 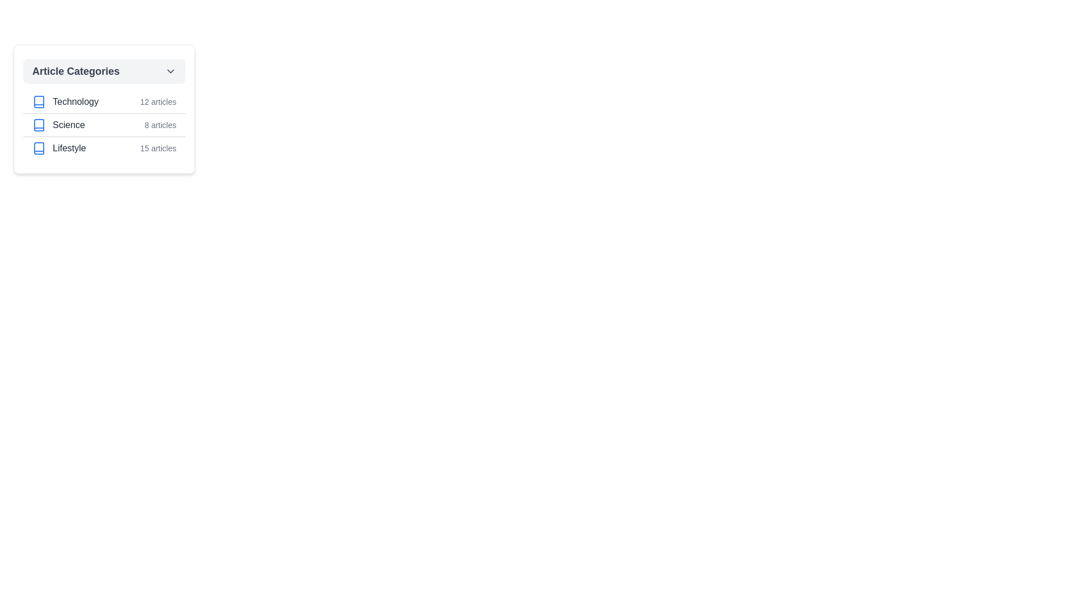 I want to click on the SVG book icon representing the 'Lifestyle' category, so click(x=39, y=148).